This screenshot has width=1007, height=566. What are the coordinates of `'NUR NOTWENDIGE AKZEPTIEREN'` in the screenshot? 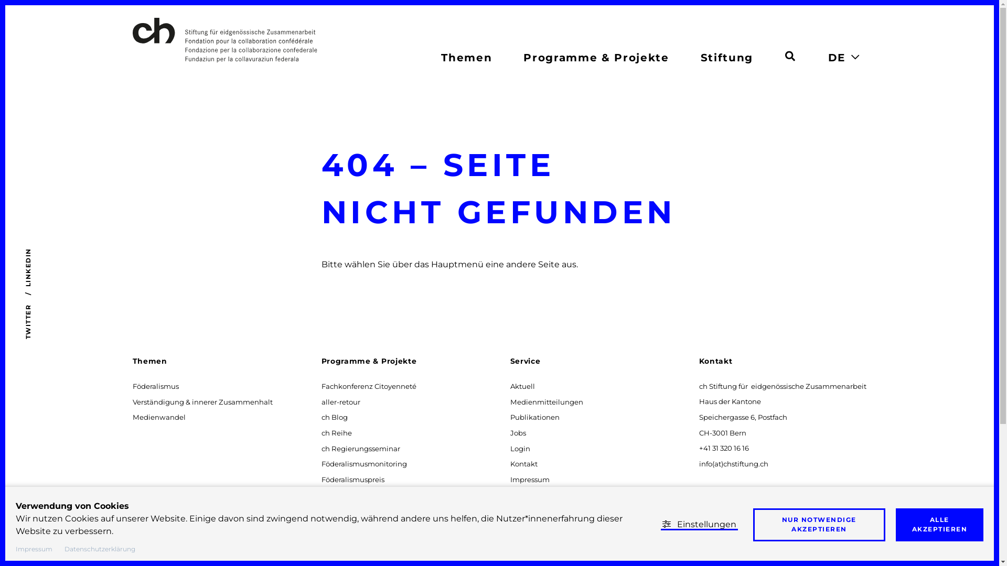 It's located at (752, 525).